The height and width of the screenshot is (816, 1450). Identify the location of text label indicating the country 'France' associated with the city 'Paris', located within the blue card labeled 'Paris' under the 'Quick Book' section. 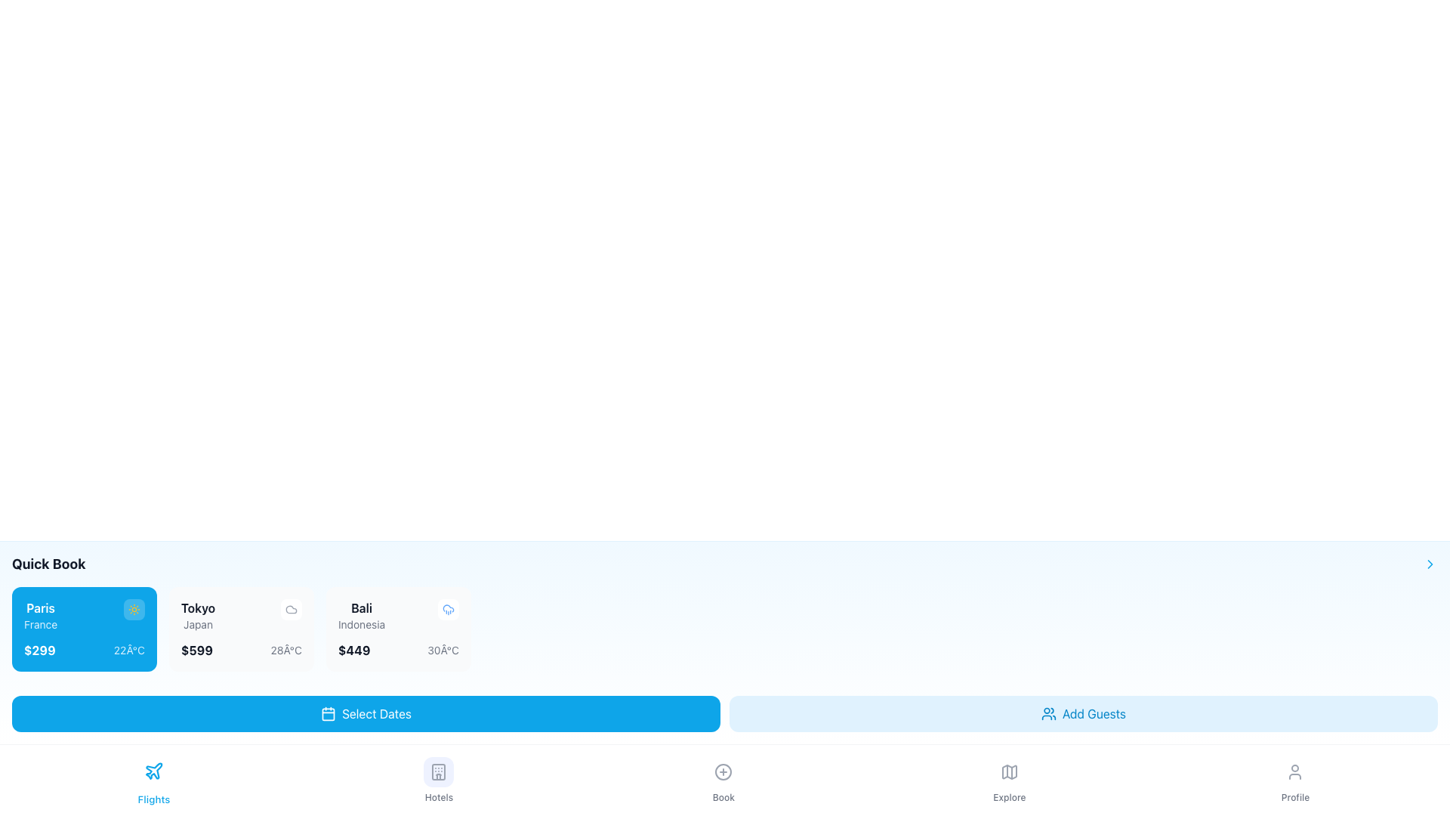
(41, 624).